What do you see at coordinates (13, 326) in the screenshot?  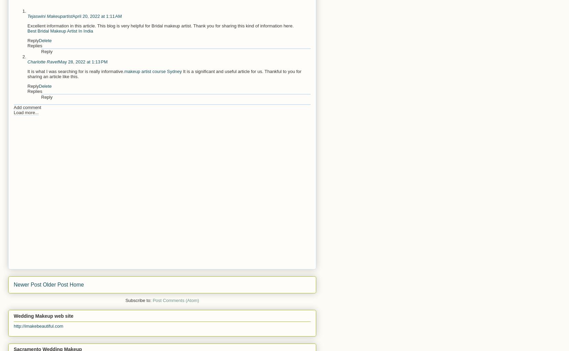 I see `'http://imakebeautiful.com'` at bounding box center [13, 326].